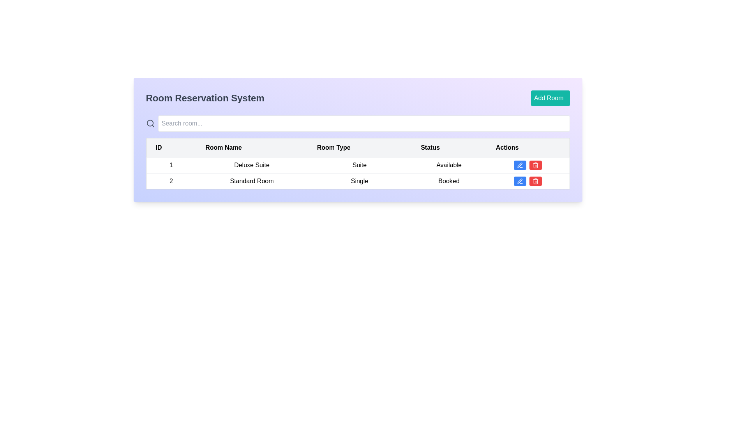 This screenshot has width=748, height=421. I want to click on the 'Add Room' text label within the button, which is styled with a teal background and is located in the top-right corner of the 'Room Reservation System' panel, so click(548, 97).